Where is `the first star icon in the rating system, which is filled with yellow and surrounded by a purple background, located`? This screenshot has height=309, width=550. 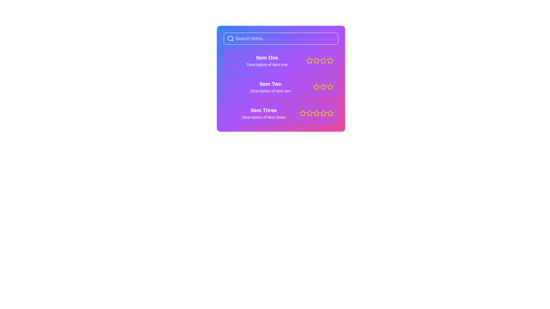 the first star icon in the rating system, which is filled with yellow and surrounded by a purple background, located is located at coordinates (309, 61).